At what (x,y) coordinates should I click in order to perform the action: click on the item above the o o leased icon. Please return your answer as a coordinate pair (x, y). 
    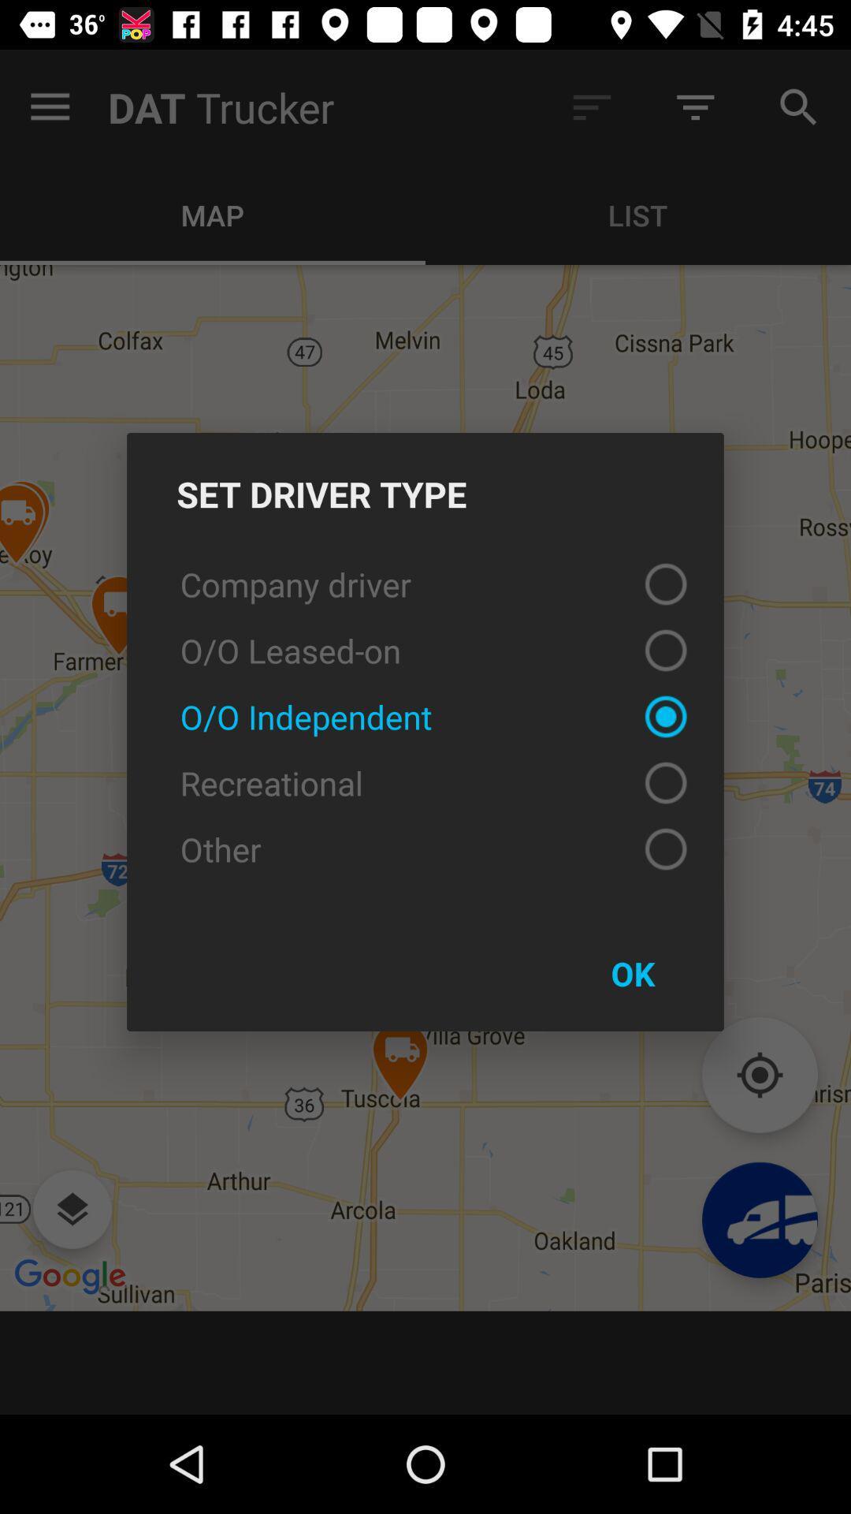
    Looking at the image, I should click on (425, 583).